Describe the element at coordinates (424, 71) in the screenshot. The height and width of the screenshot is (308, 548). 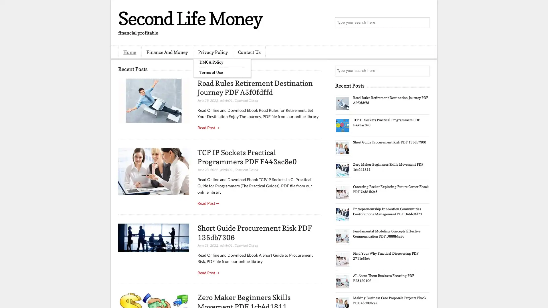
I see `Search` at that location.